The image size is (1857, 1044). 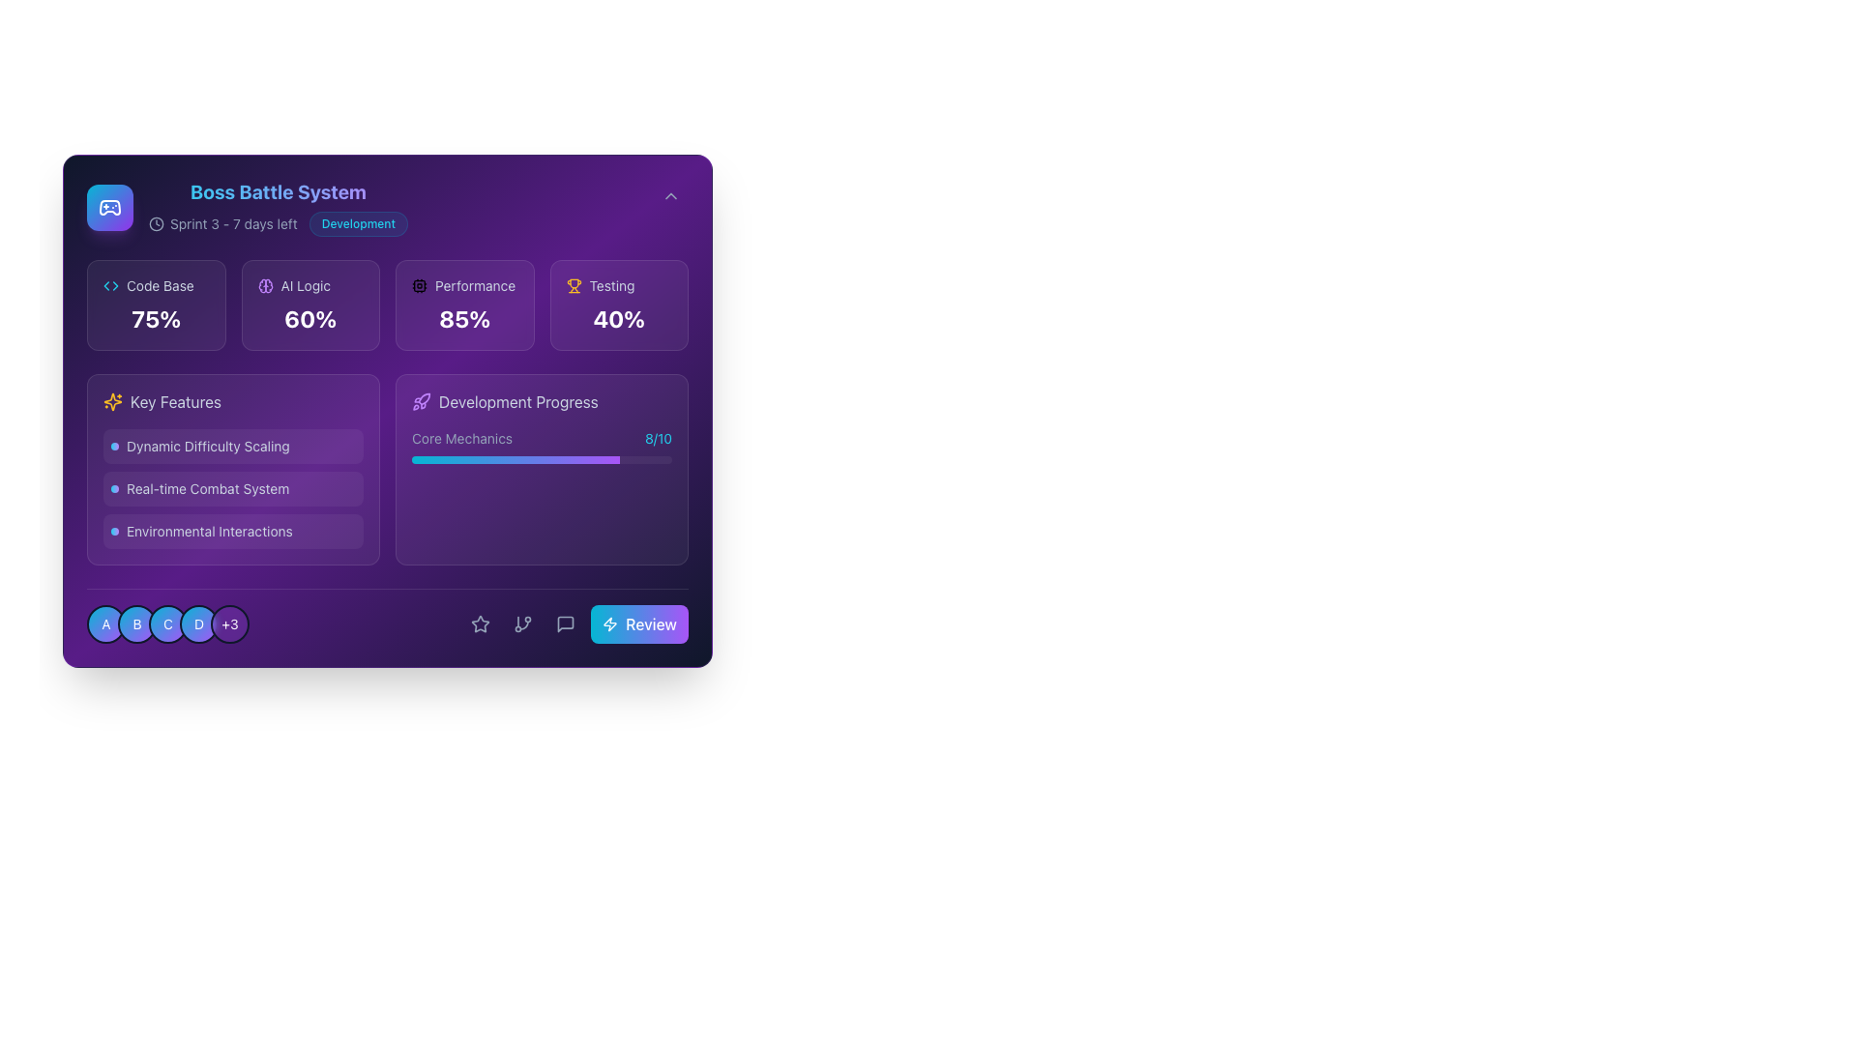 What do you see at coordinates (310, 318) in the screenshot?
I see `the displayed value of the text label showing '60%' located within the 'AI Logic' card structure` at bounding box center [310, 318].